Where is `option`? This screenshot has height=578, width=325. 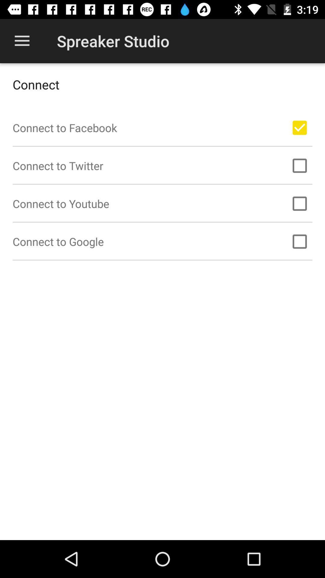
option is located at coordinates (299, 127).